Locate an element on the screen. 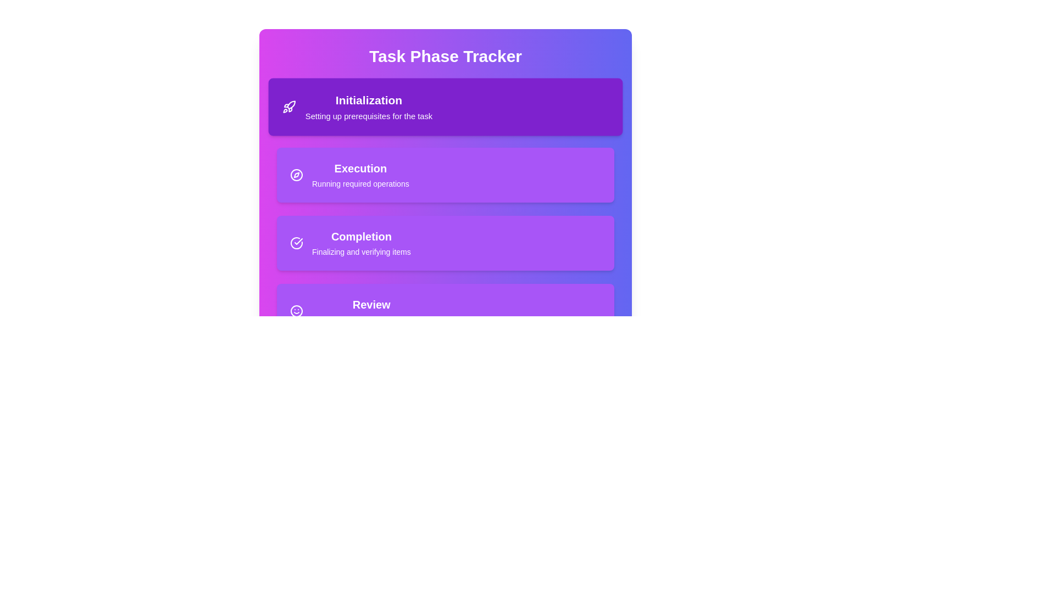  the text label located in the 'Completion' section, which provides elaboration for the 'Completion' phase is located at coordinates (361, 252).